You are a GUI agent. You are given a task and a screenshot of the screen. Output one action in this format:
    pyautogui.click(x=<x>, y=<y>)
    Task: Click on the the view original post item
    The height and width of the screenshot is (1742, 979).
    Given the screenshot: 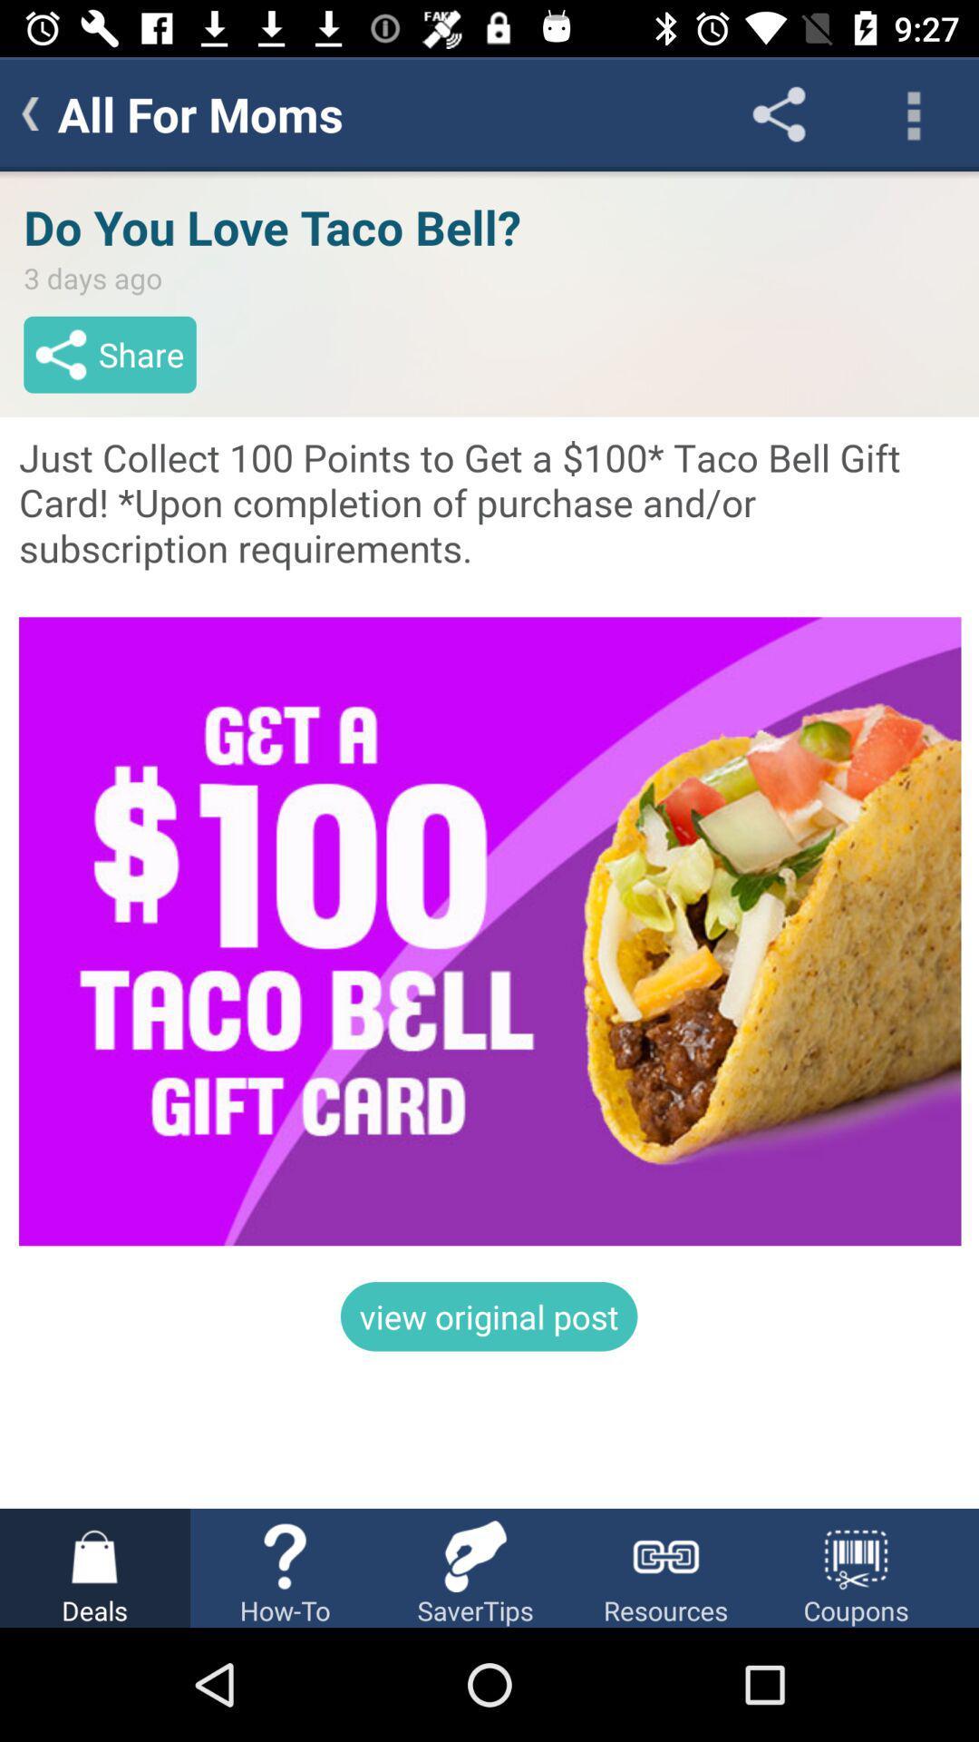 What is the action you would take?
    pyautogui.click(x=488, y=1316)
    